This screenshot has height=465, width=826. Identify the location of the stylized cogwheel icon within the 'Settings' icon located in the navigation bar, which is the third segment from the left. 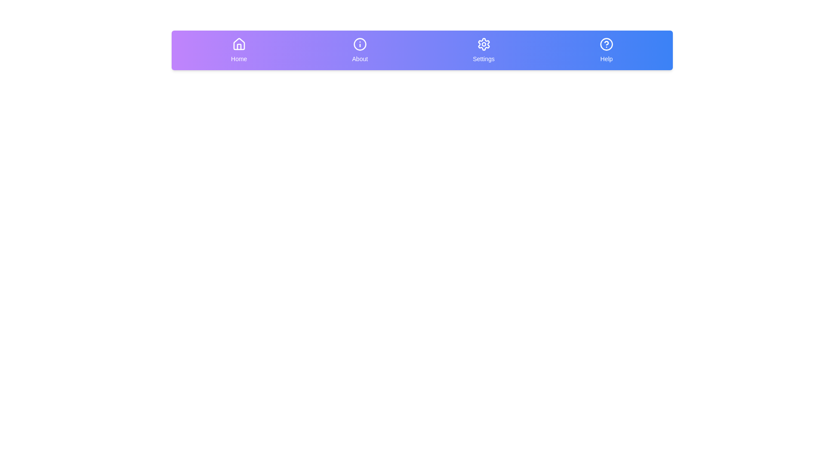
(484, 44).